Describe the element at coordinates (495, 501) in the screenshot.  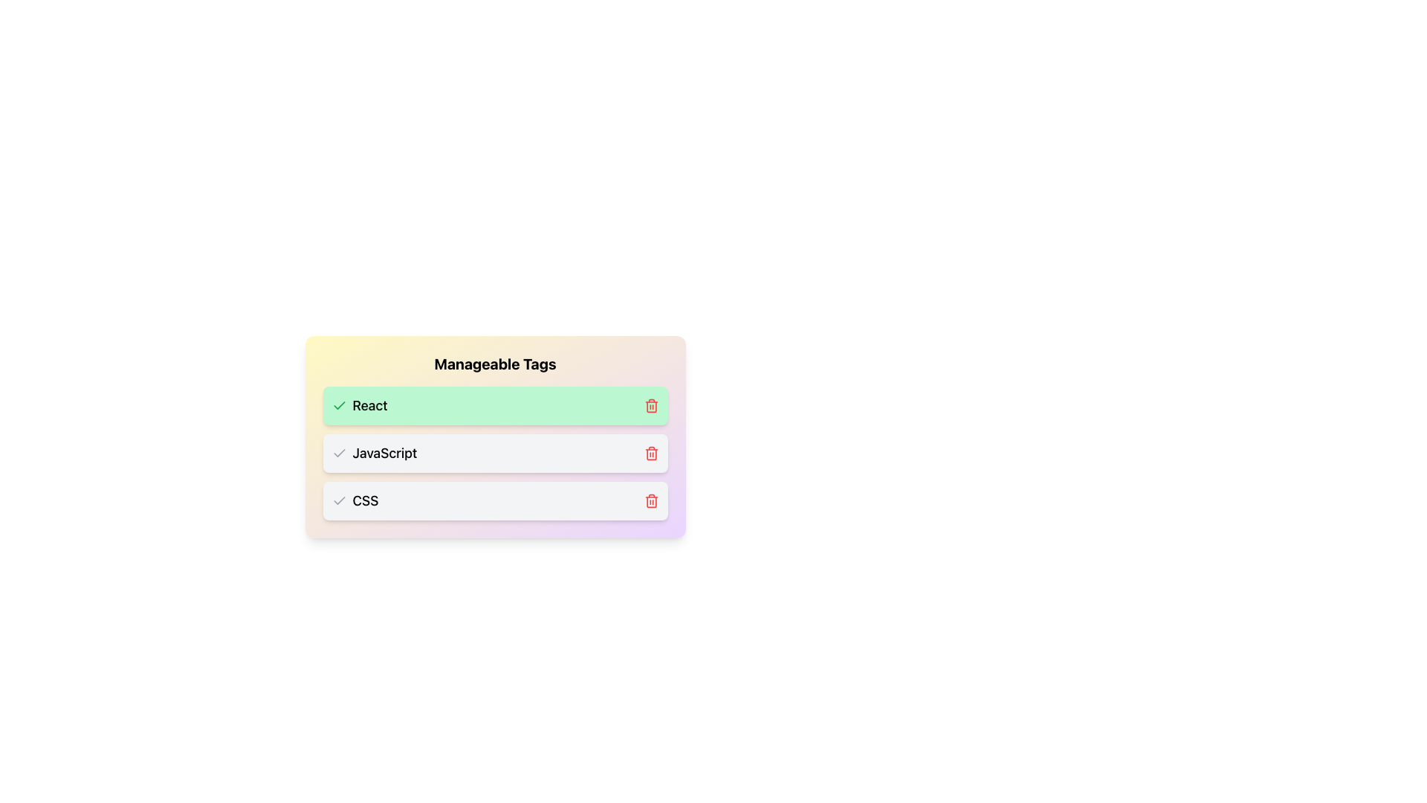
I see `the 'CSS' tag list item` at that location.